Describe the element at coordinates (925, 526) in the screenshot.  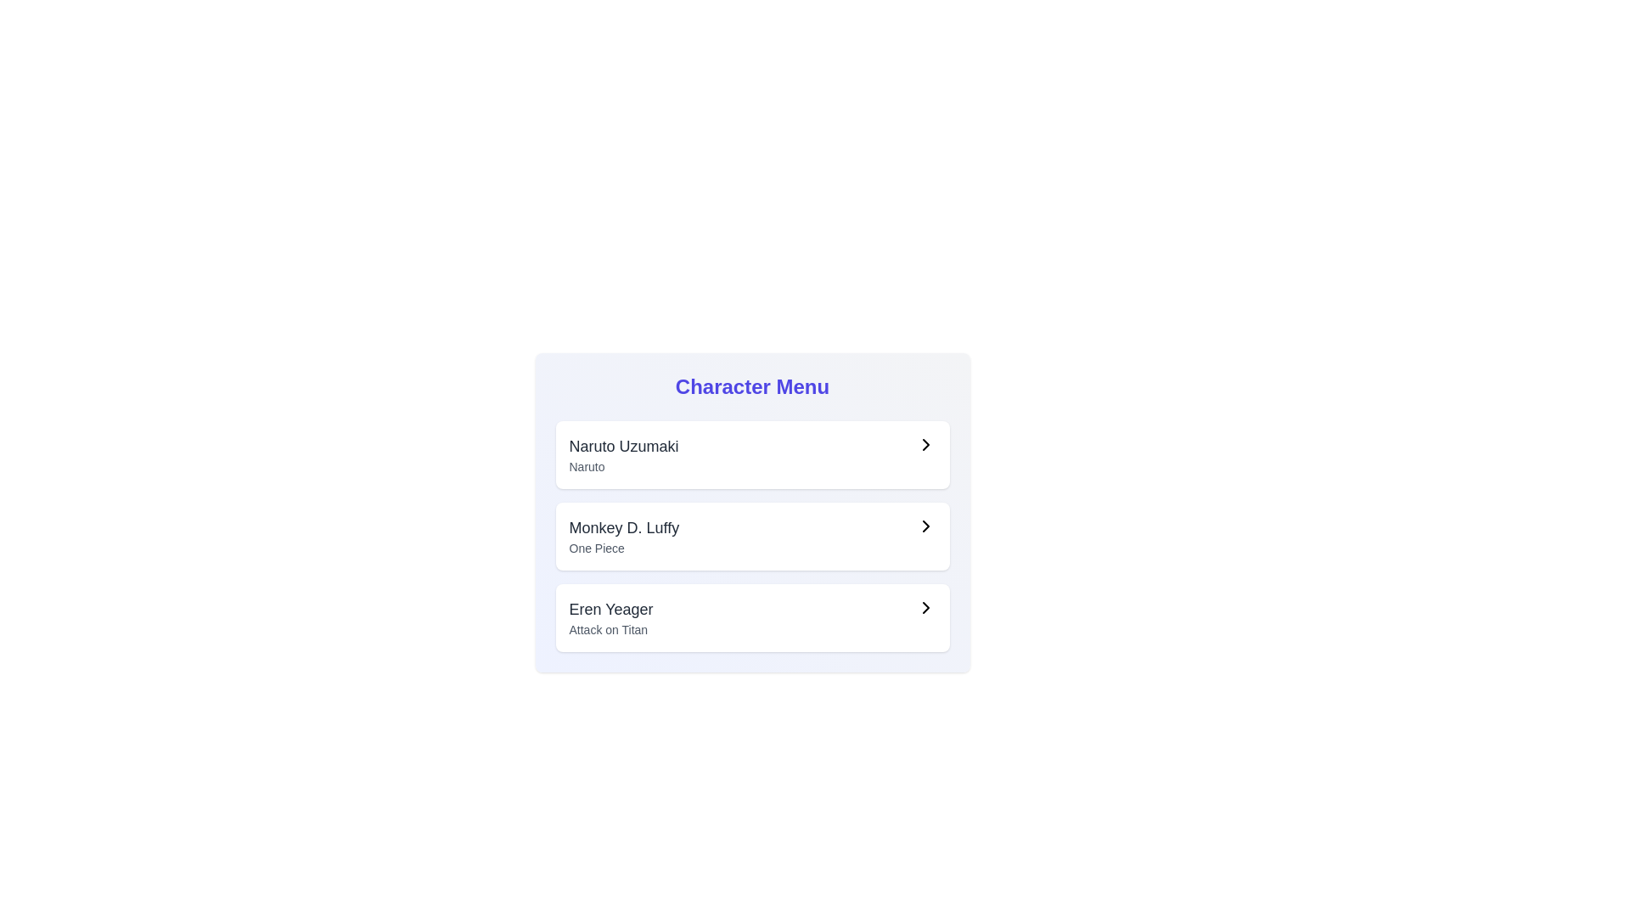
I see `the SVG Chevron Icon located to the far right of the row containing the label 'Monkey D. Luffy', which is the third visible chevron icon in the menu structure` at that location.